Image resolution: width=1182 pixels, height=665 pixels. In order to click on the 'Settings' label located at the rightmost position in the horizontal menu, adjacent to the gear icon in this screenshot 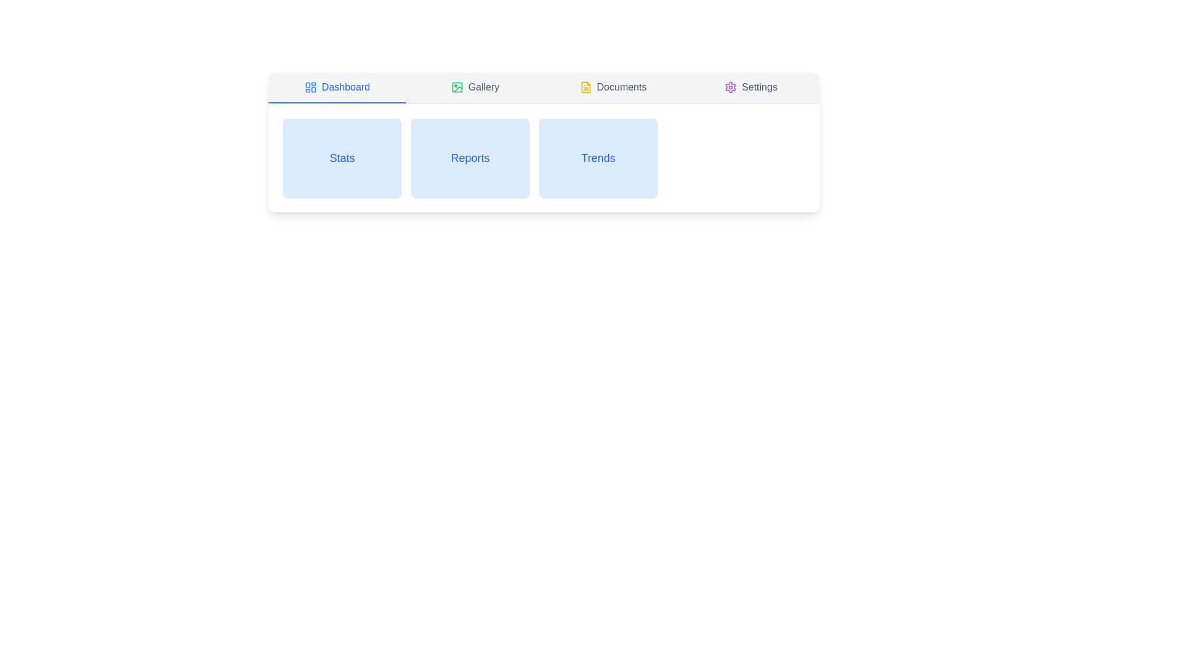, I will do `click(758, 87)`.